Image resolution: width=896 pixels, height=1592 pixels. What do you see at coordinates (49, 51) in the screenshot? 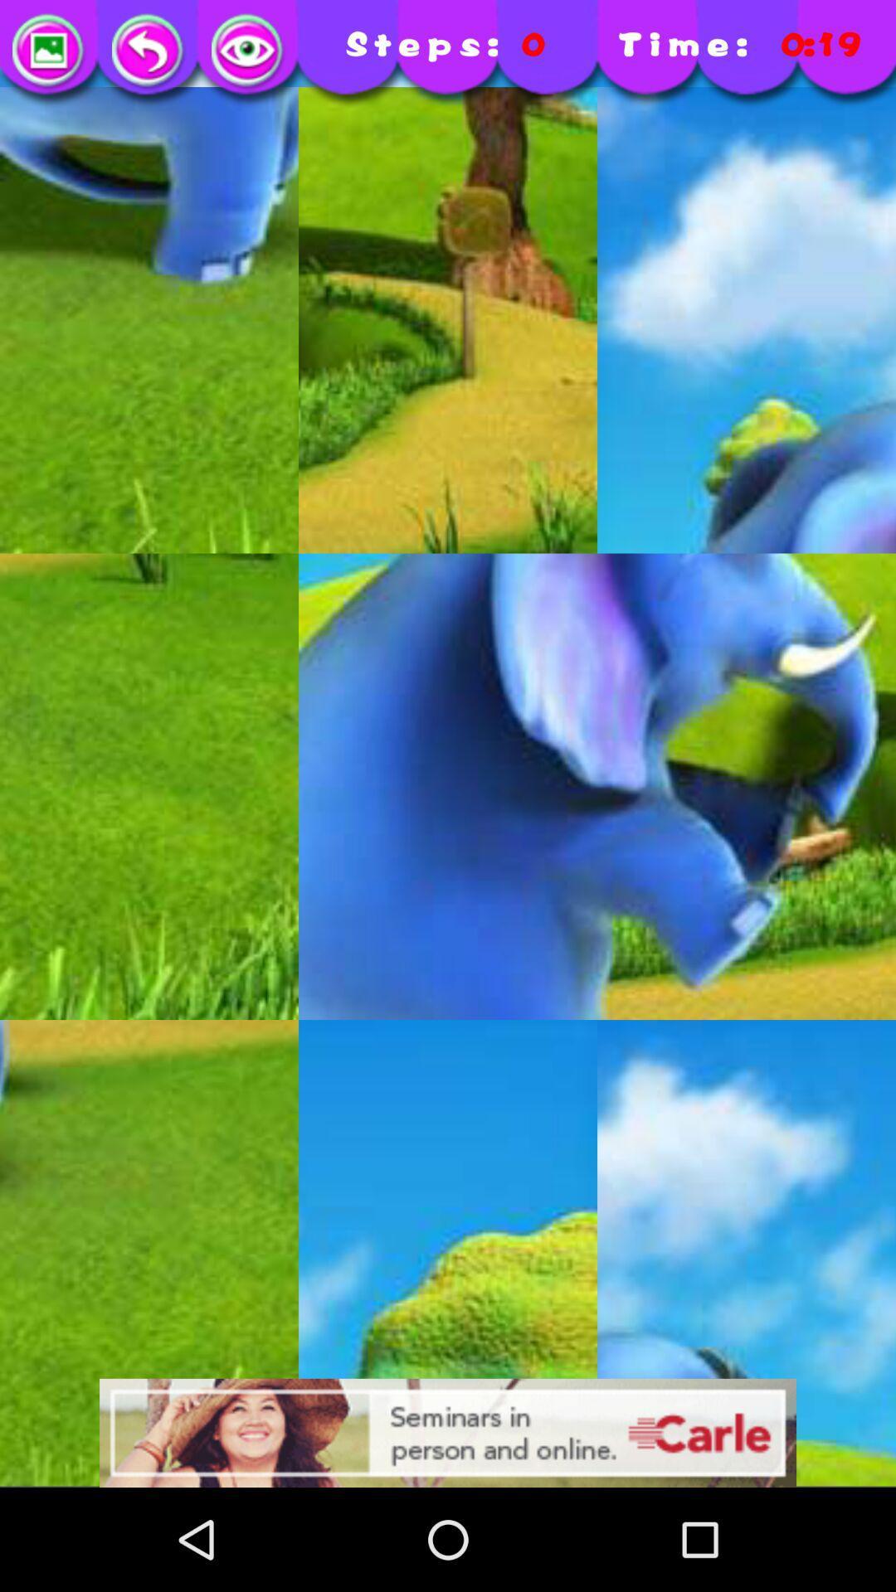
I see `the wallpaper icon` at bounding box center [49, 51].